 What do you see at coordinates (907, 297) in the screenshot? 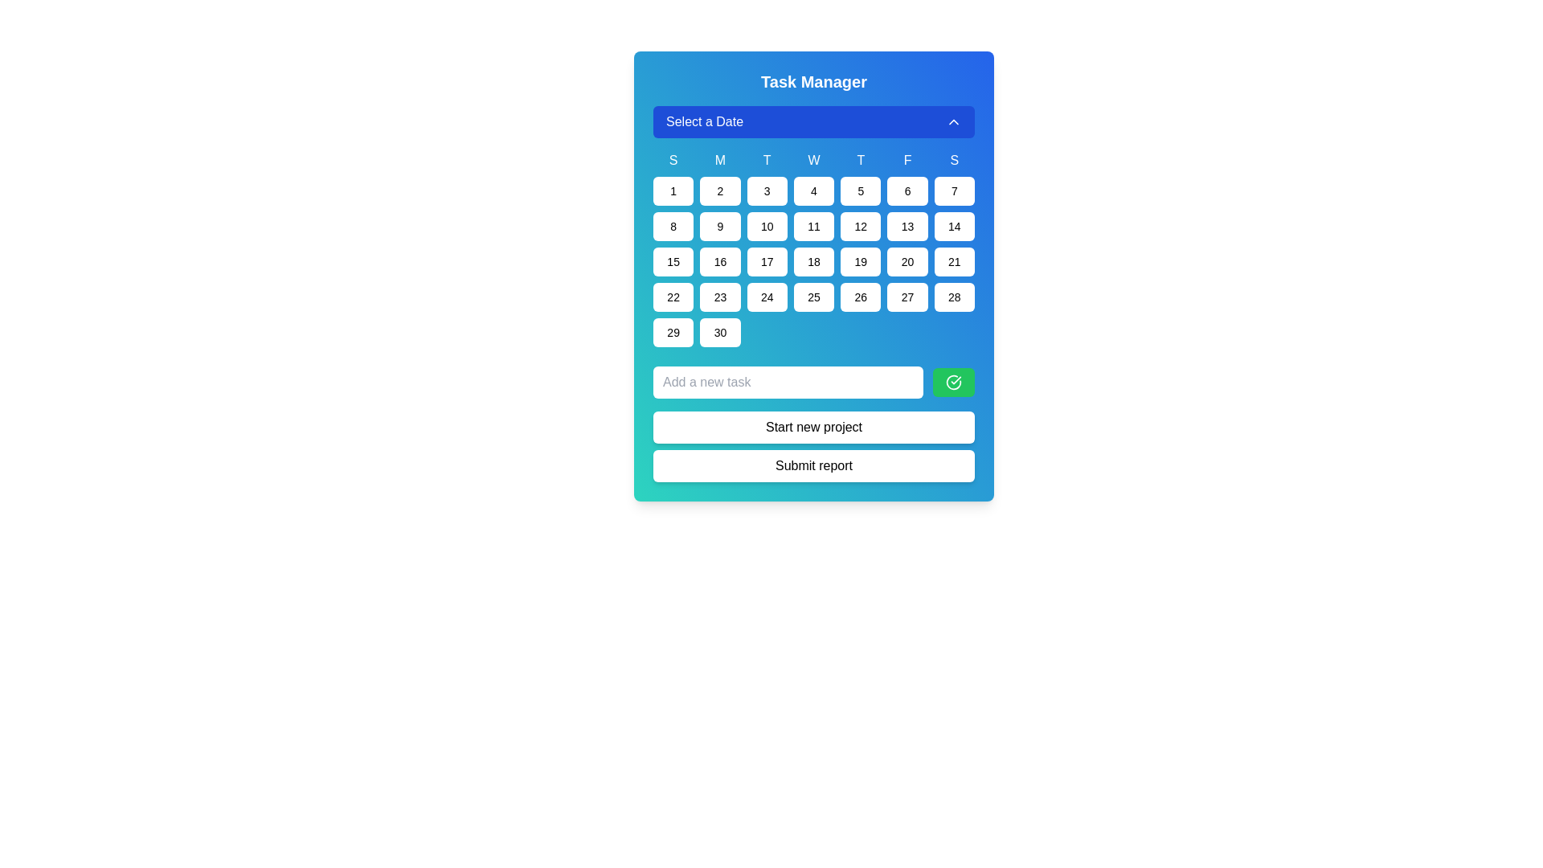
I see `the button displaying the number '27' located in the bottom-right corner of the calendar grid` at bounding box center [907, 297].